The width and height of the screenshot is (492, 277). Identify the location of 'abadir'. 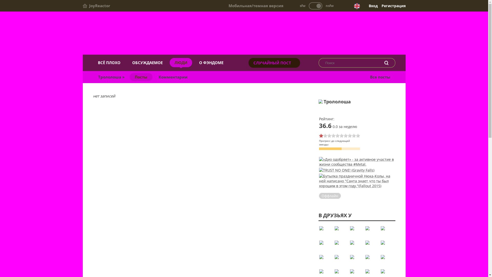
(372, 232).